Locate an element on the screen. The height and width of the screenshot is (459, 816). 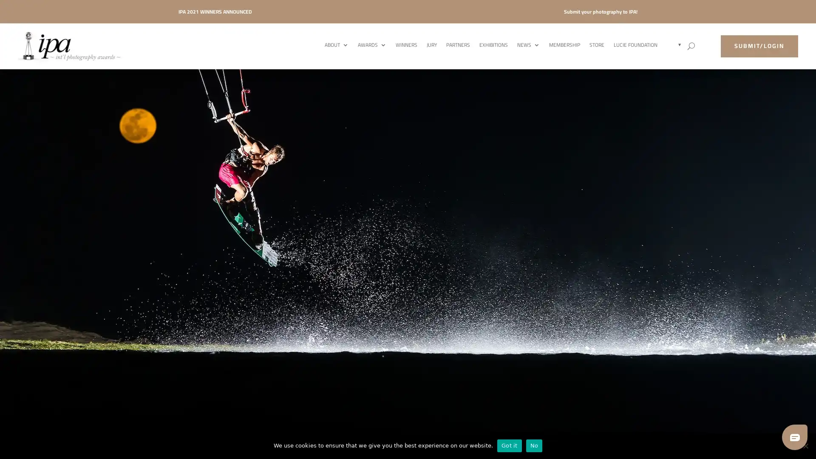
U is located at coordinates (691, 46).